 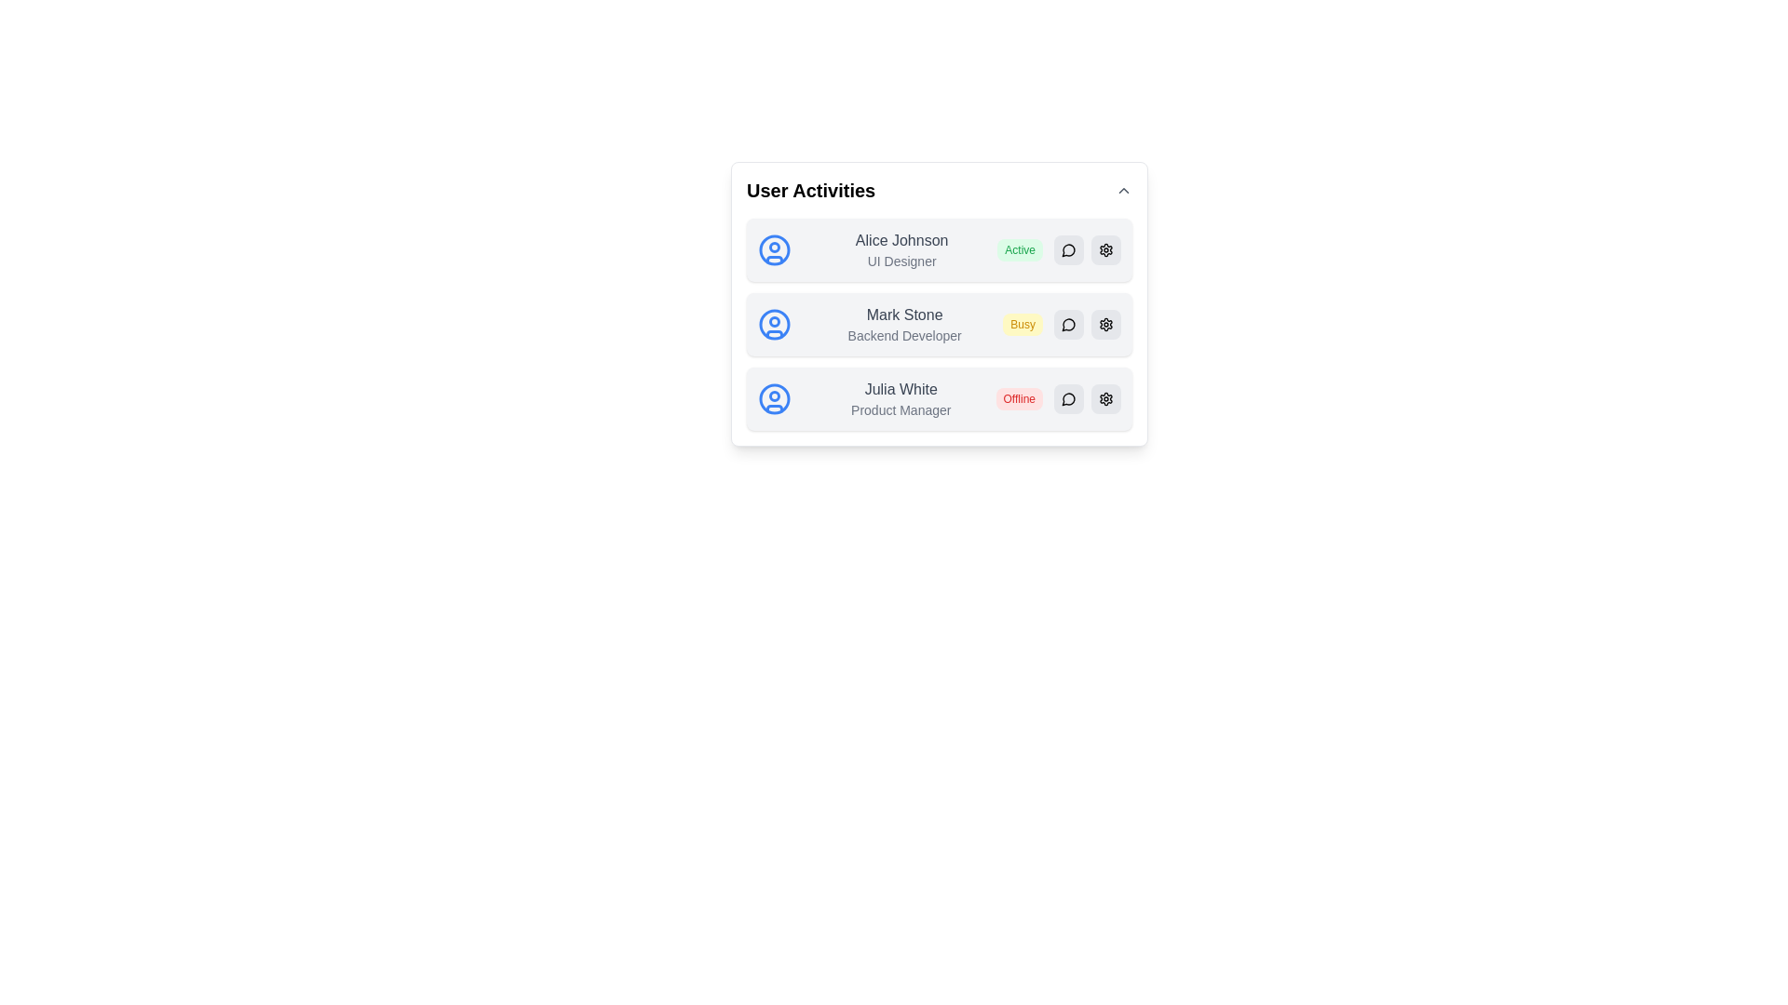 I want to click on the button to the right of the 'Active' status tag for the user 'Alice Johnson' in the 'User Activities' component to initiate an action, so click(x=1068, y=249).